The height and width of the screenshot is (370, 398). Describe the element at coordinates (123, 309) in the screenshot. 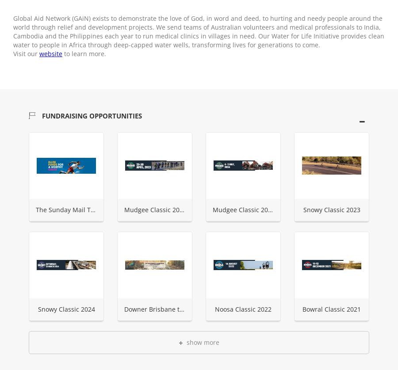

I see `'Downer Brisbane to Gold Coast Cycle Challenge 2022'` at that location.